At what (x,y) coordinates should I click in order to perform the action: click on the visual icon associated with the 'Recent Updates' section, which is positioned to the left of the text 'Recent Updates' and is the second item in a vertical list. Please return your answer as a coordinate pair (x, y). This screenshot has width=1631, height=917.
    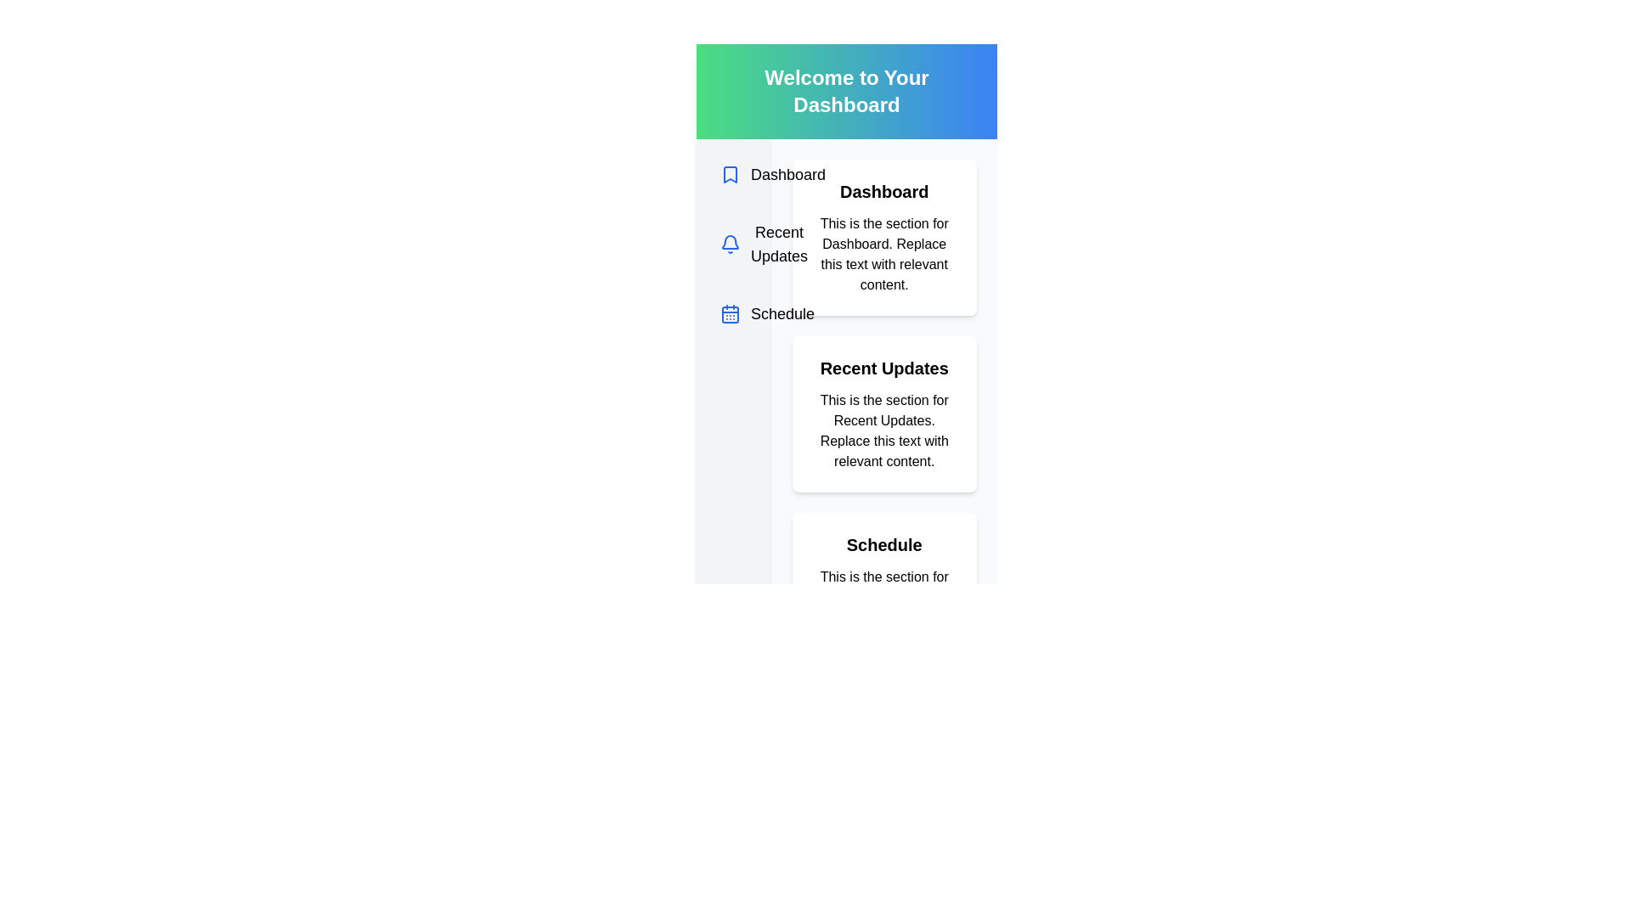
    Looking at the image, I should click on (730, 245).